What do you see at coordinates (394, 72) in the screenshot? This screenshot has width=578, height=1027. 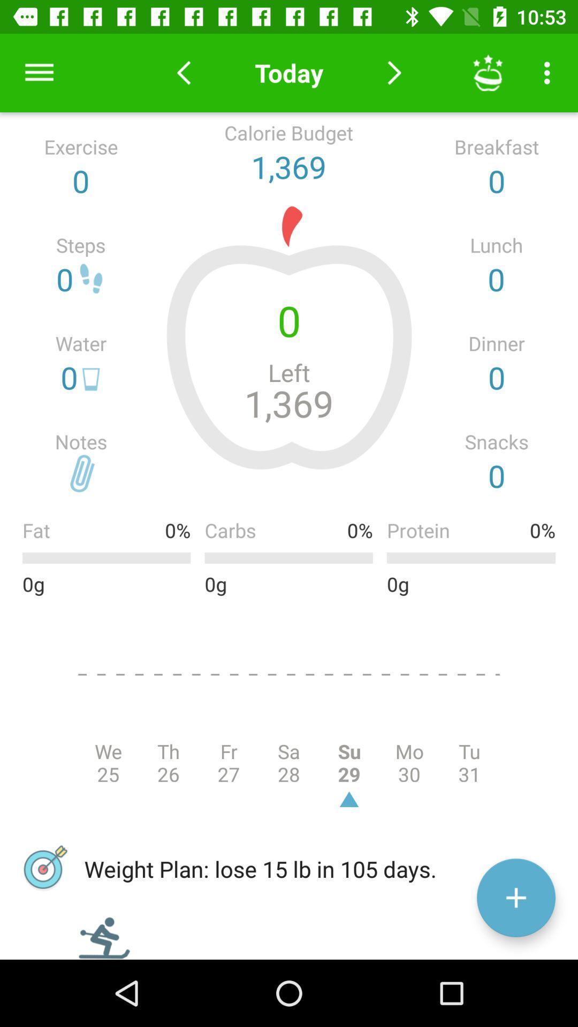 I see `to goto next day` at bounding box center [394, 72].